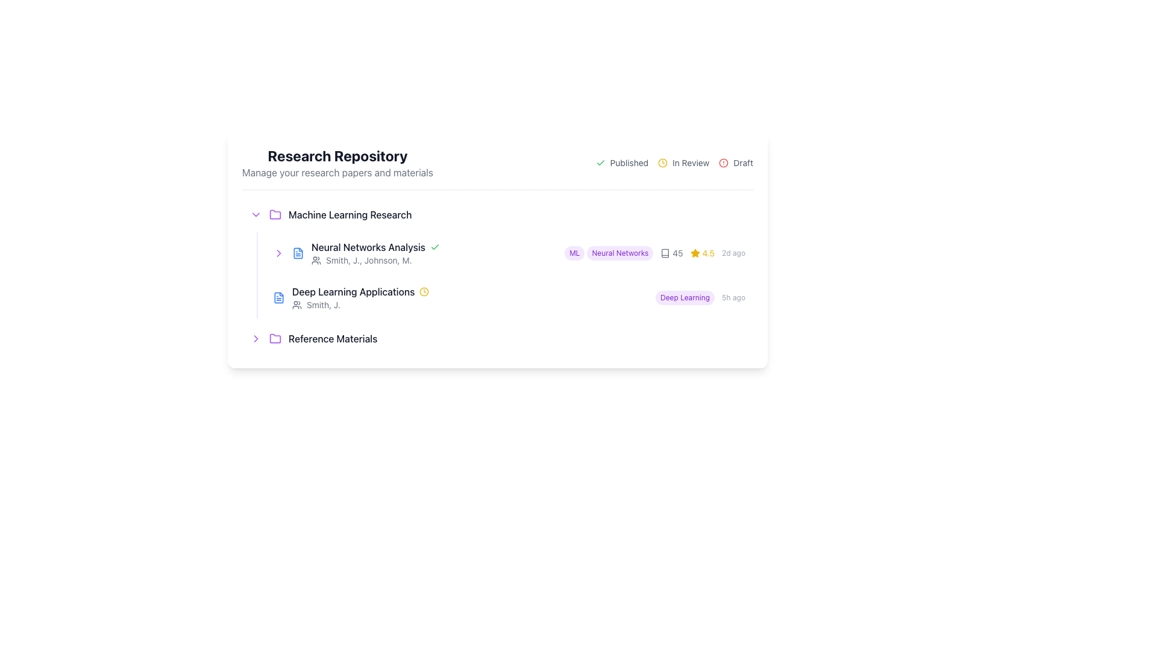 The height and width of the screenshot is (650, 1157). What do you see at coordinates (654, 252) in the screenshot?
I see `icons located to the right of the 'Neural Networks Analysis' row, which is part of a composite UI component containing badges, icons, and text labels` at bounding box center [654, 252].